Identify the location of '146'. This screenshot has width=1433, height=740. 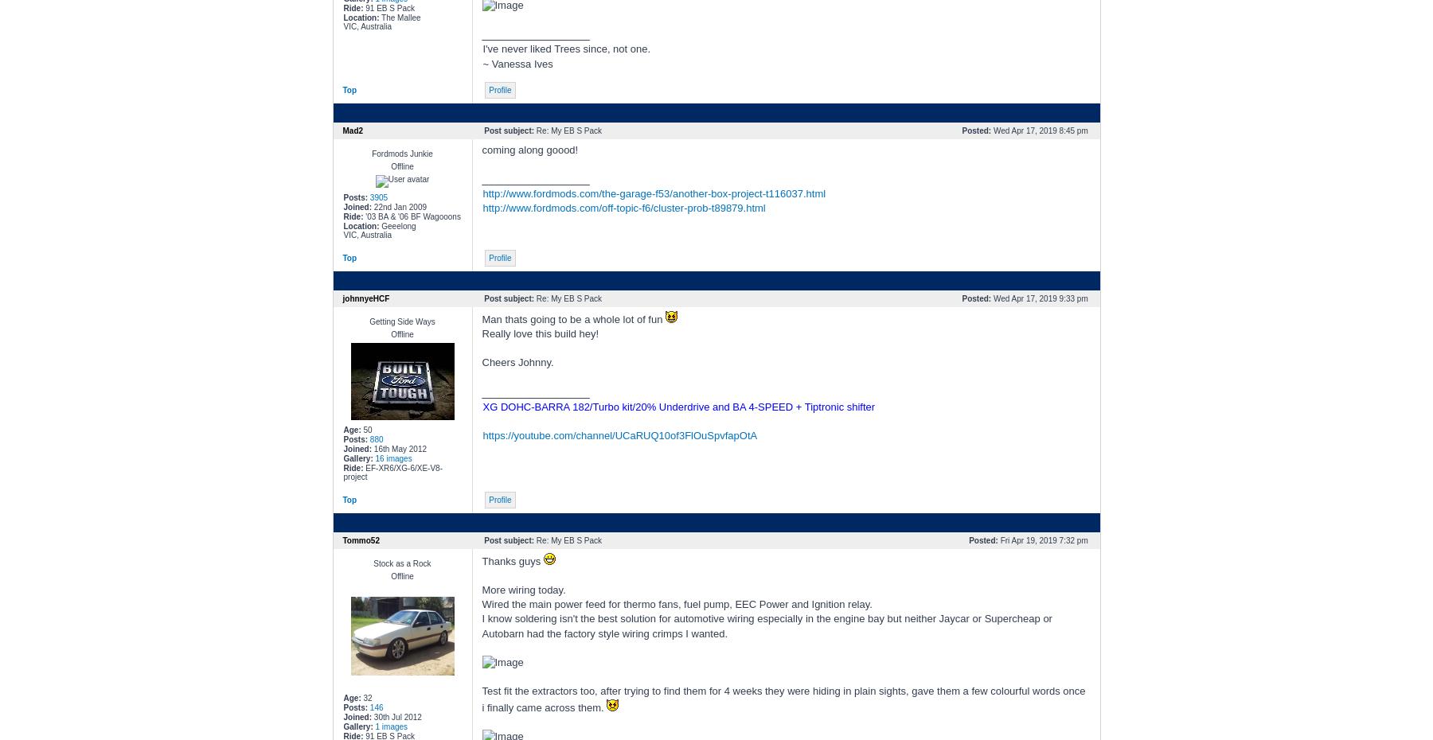
(369, 707).